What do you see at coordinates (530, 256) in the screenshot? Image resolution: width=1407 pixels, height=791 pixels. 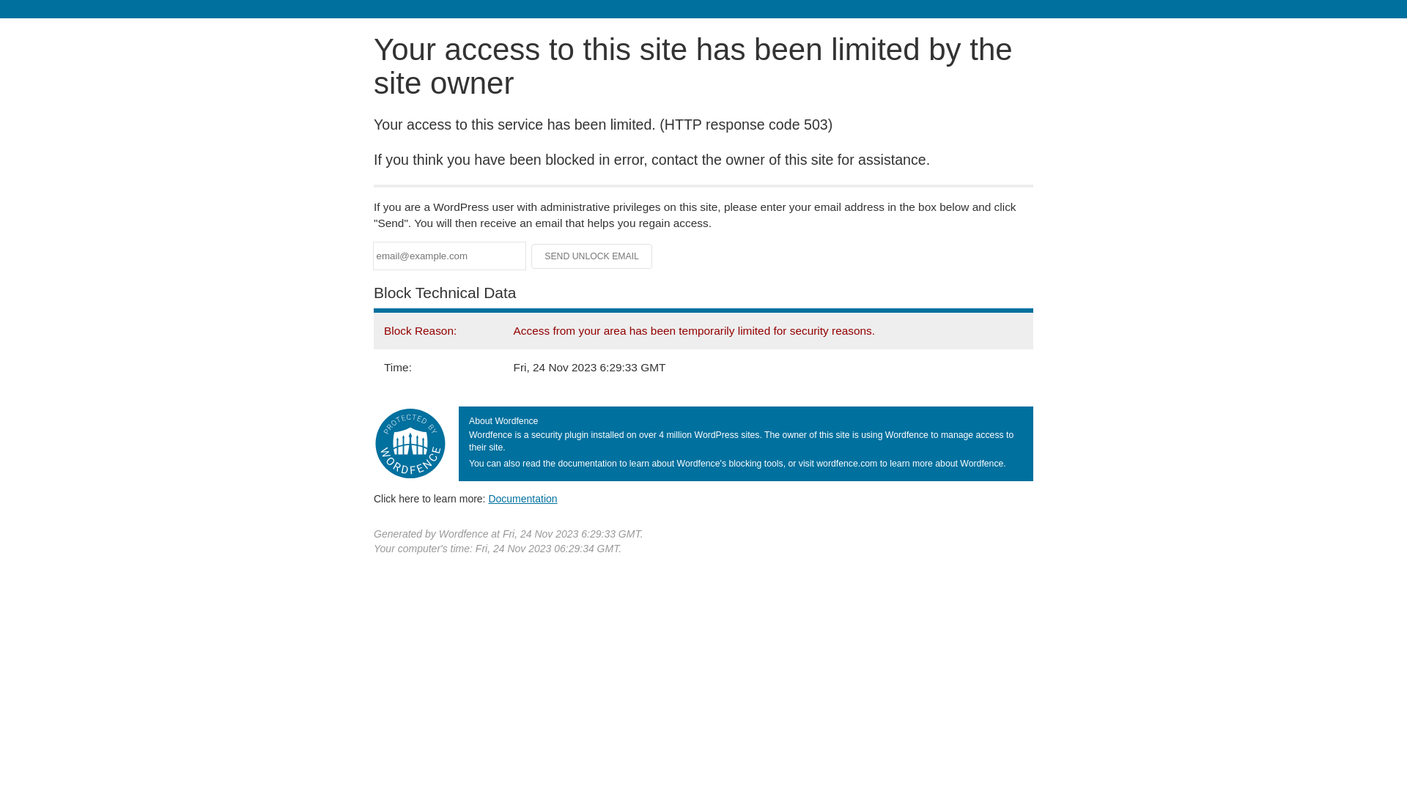 I see `'Send Unlock Email'` at bounding box center [530, 256].